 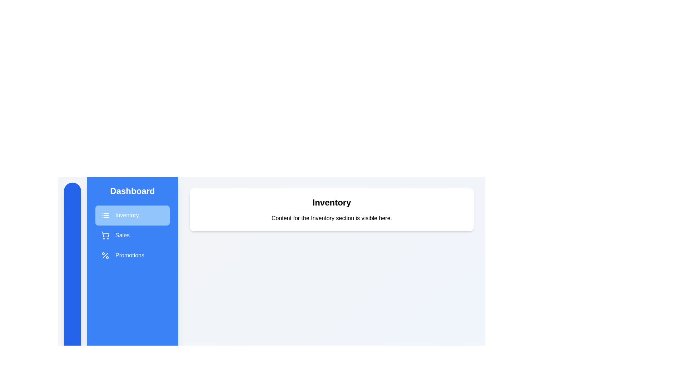 I want to click on the Inventory section in the sidebar menu, so click(x=132, y=215).